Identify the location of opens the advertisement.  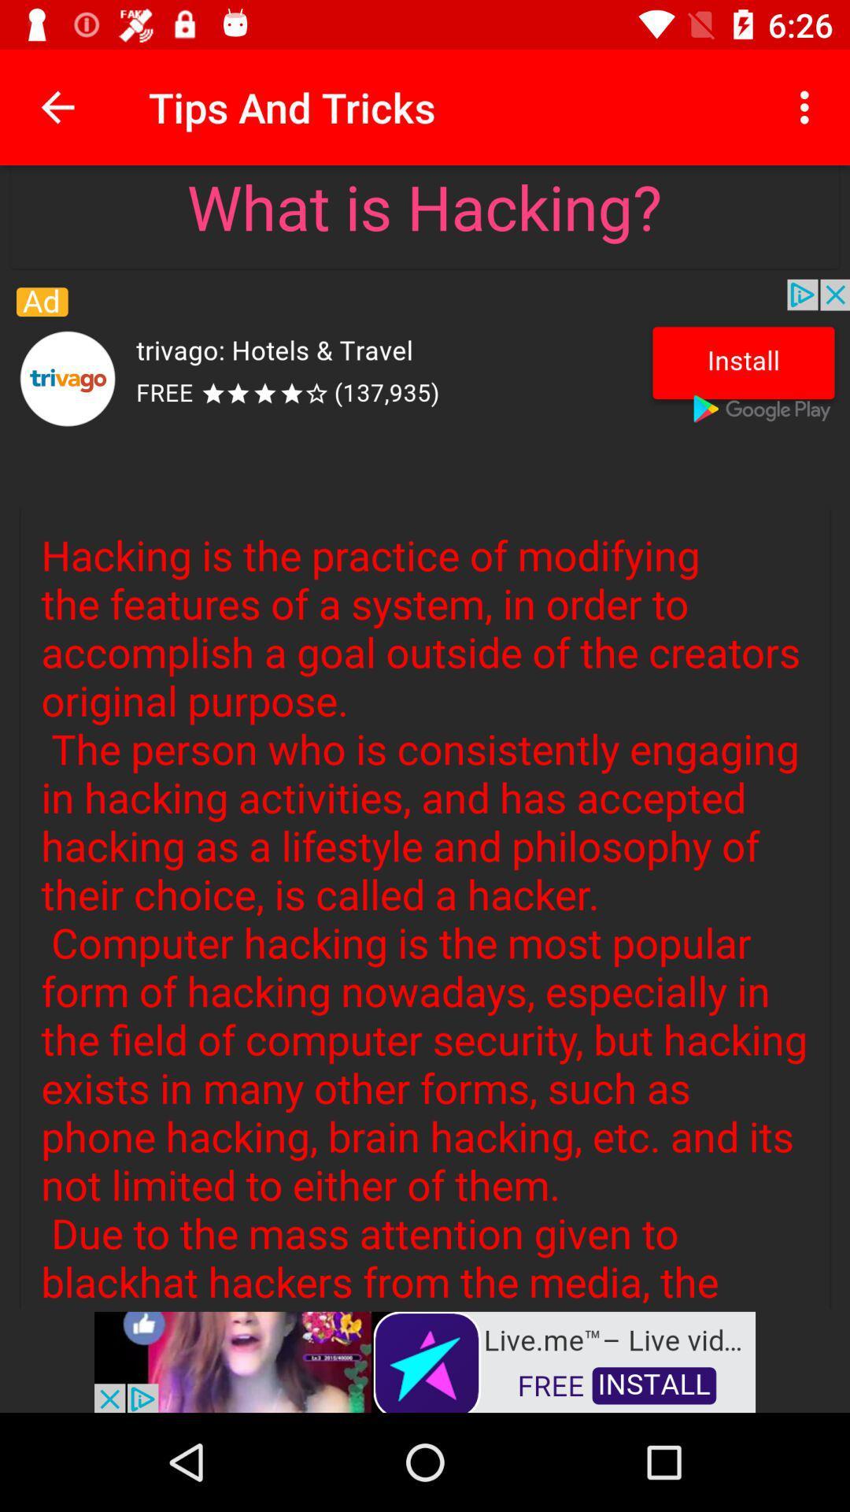
(425, 1360).